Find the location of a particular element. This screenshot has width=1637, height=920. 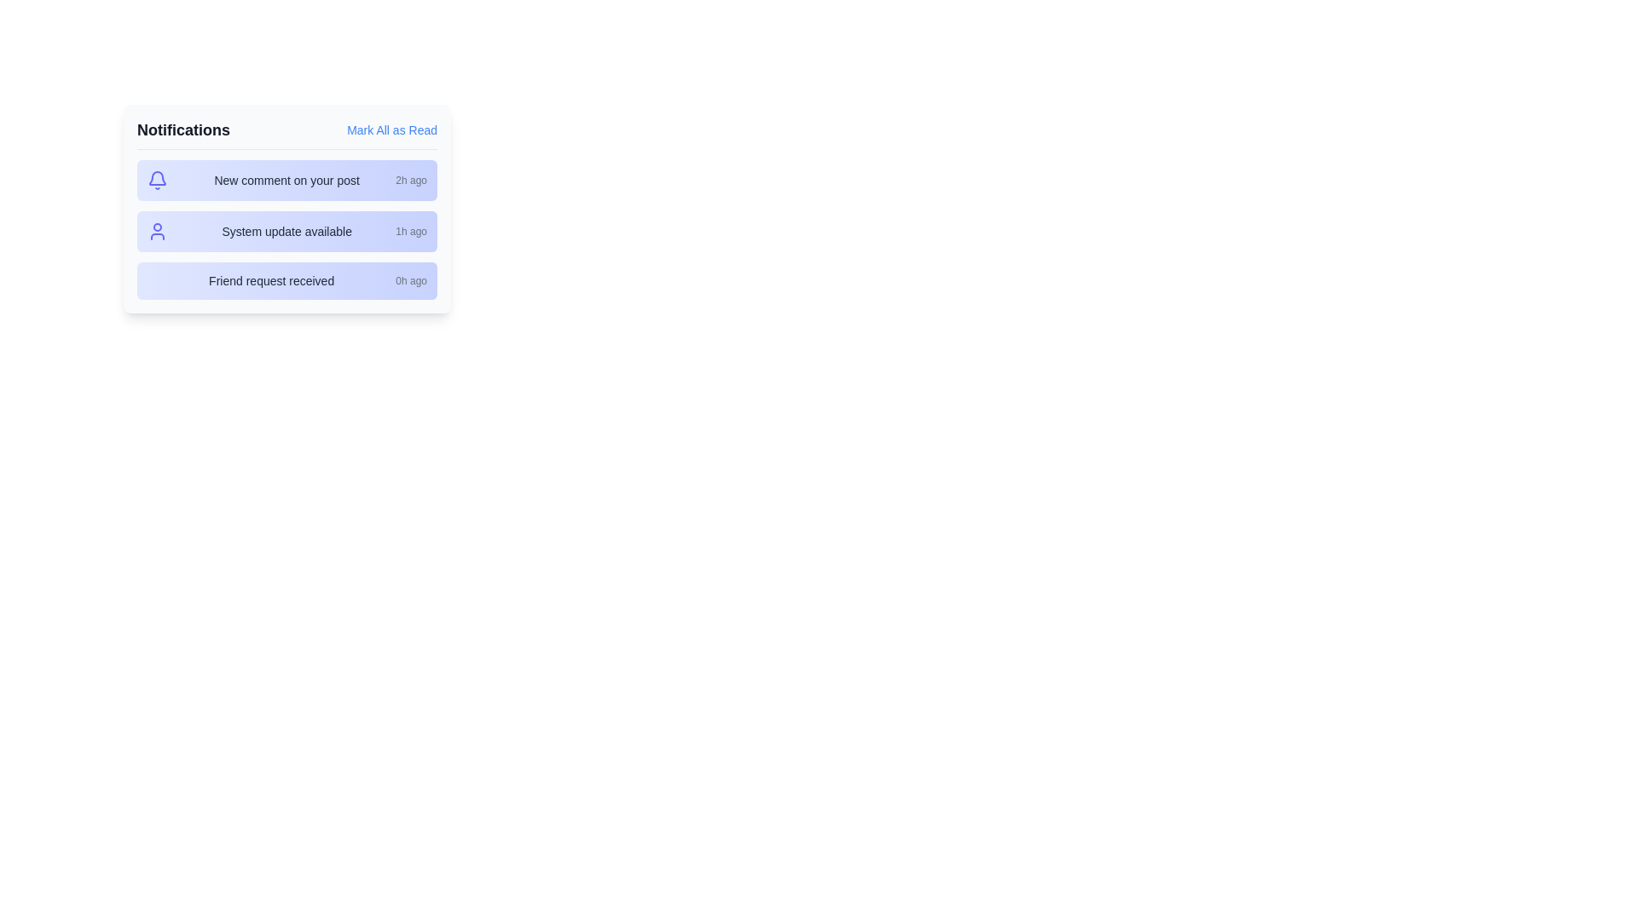

the first static notification entry in the vertically stacked list of notifications that informs the user about a new comment on their post is located at coordinates (286, 181).